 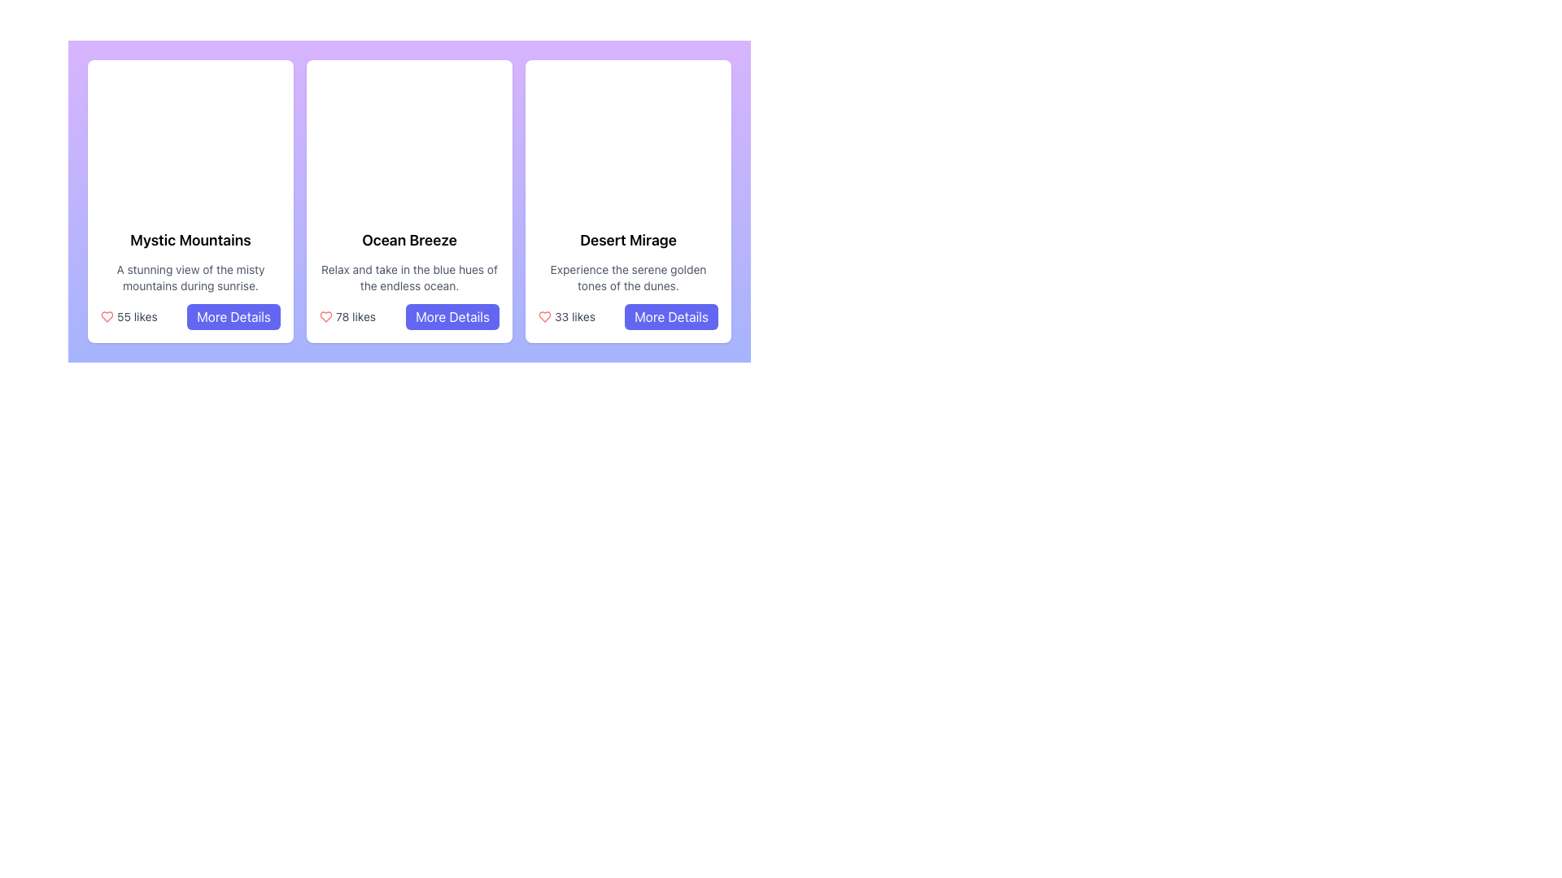 What do you see at coordinates (190, 277) in the screenshot?
I see `the text block containing a description styled with a smaller font size and gray color, located below the title 'Mystic Mountains' in the leftmost card layout` at bounding box center [190, 277].